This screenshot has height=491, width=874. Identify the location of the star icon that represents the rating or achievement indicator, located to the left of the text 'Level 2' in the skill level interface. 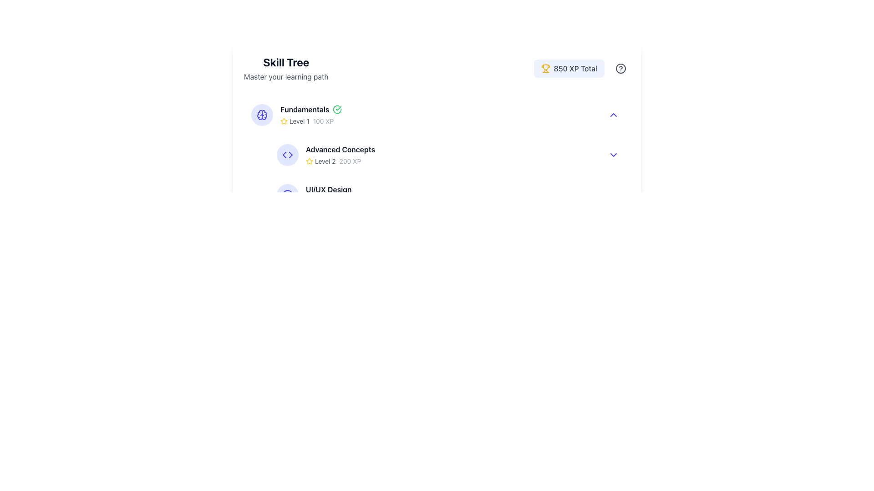
(310, 160).